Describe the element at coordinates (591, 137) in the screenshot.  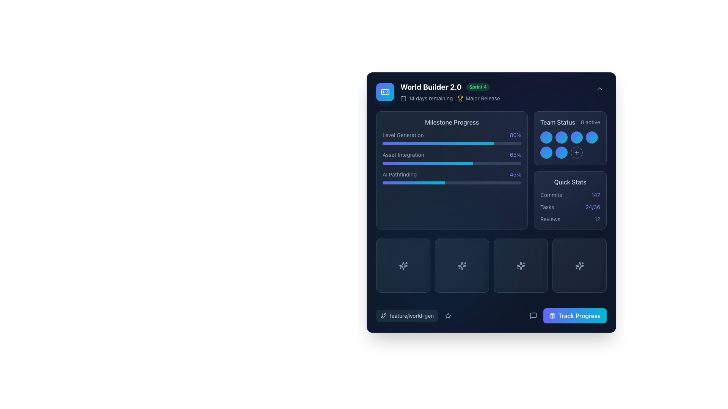
I see `the fourth graphic icon from the left in the 'Team Status' section, which serves as a placeholder for a team member` at that location.